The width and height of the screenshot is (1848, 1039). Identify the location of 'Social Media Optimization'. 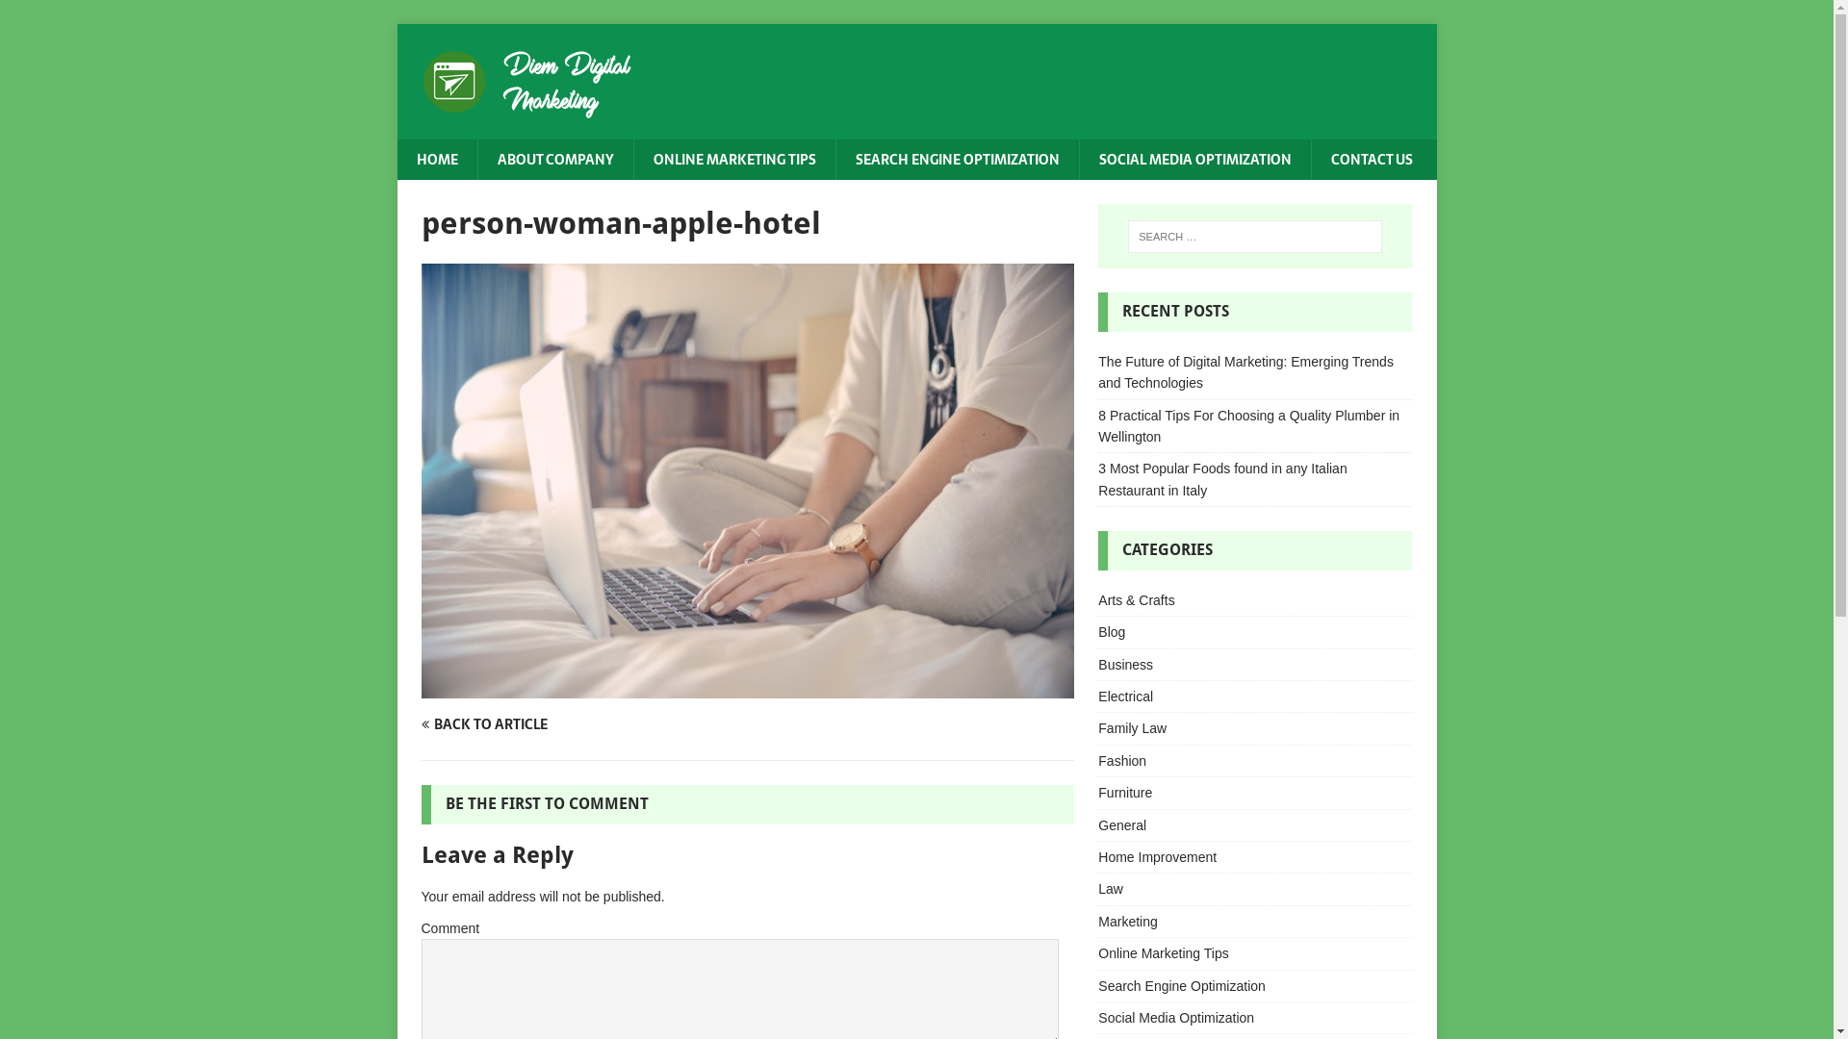
(1098, 1016).